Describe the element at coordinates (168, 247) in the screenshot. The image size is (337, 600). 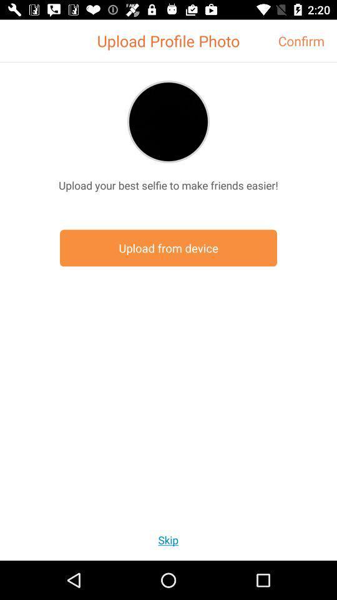
I see `the upload from device` at that location.